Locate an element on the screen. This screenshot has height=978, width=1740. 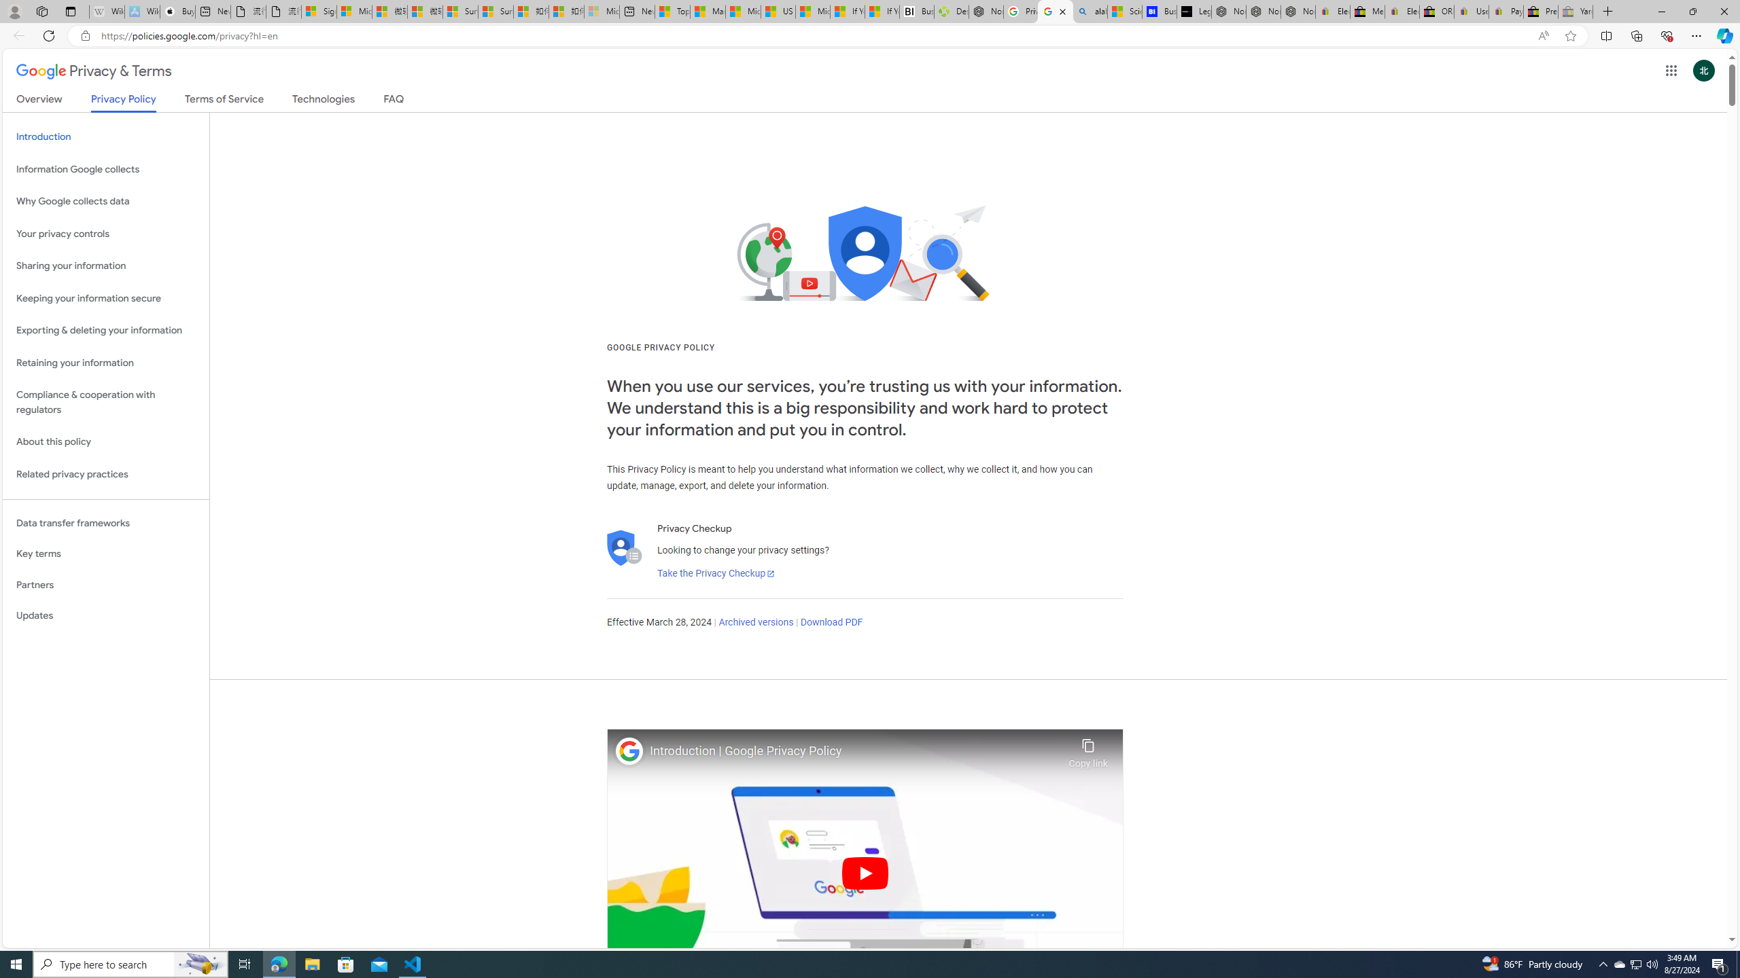
'Privacy & Terms' is located at coordinates (94, 71).